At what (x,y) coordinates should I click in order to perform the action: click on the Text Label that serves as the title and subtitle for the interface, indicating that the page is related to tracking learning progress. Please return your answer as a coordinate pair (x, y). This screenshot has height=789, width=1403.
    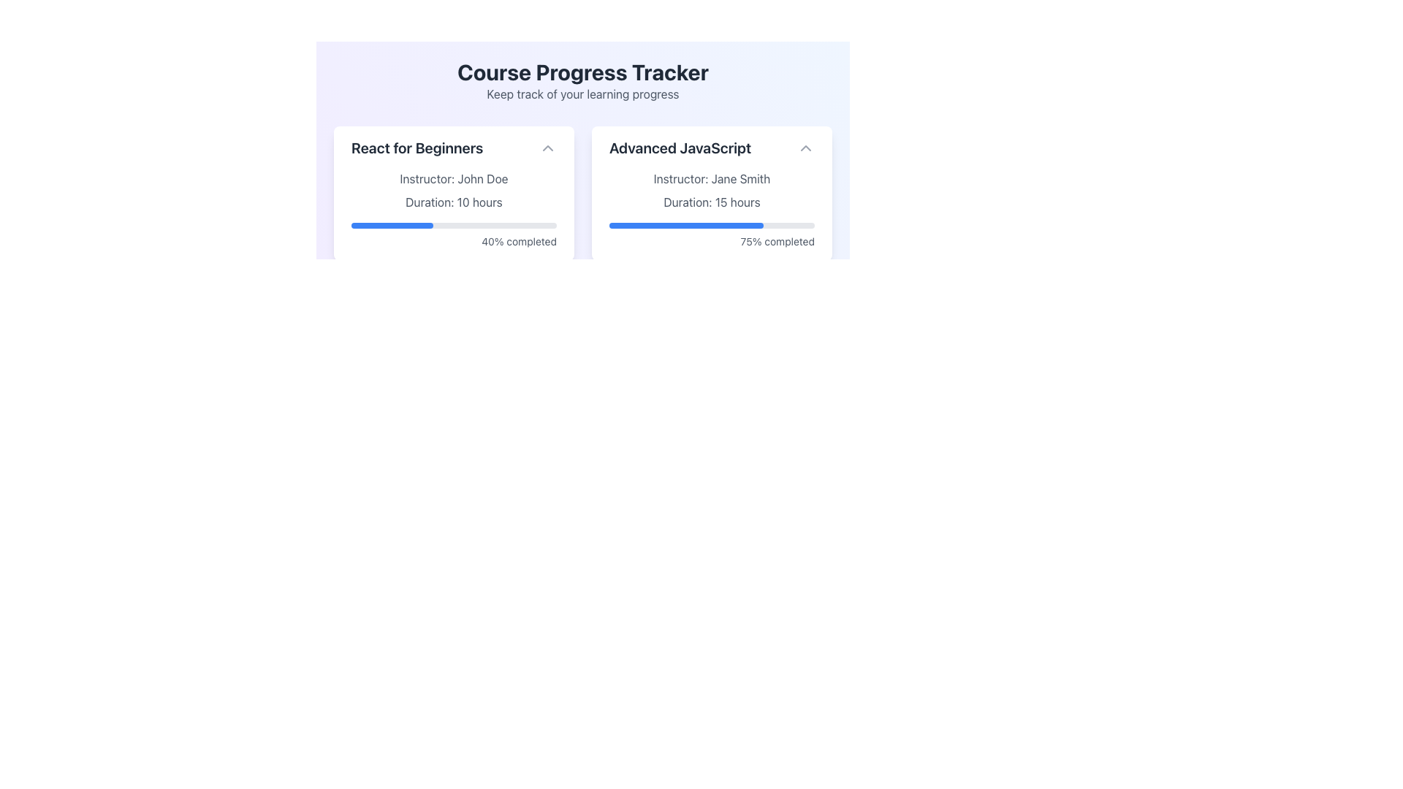
    Looking at the image, I should click on (582, 81).